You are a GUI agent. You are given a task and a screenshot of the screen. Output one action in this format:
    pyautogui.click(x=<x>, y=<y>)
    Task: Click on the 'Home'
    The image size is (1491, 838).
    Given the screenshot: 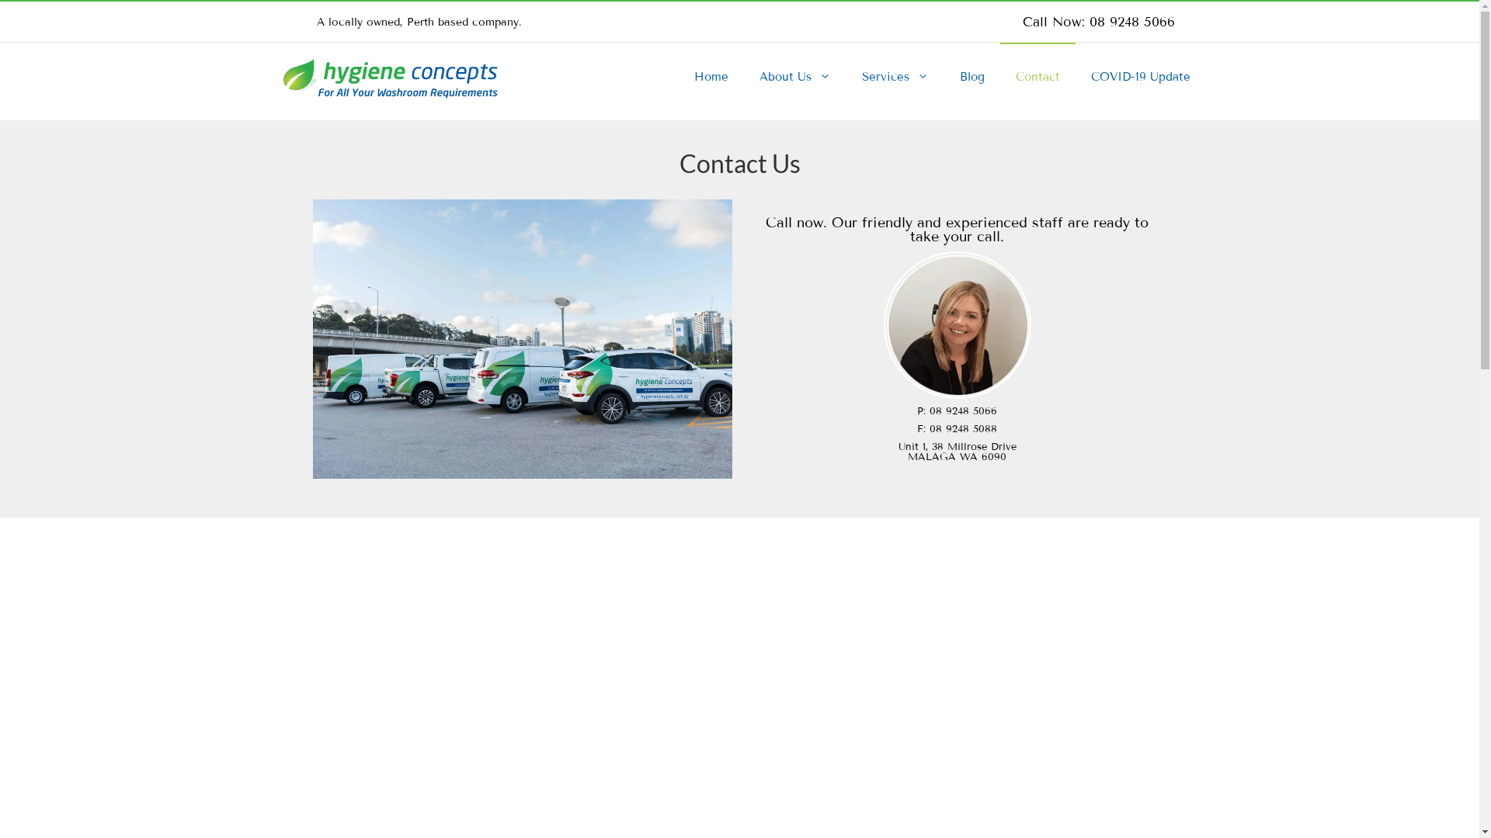 What is the action you would take?
    pyautogui.click(x=711, y=77)
    